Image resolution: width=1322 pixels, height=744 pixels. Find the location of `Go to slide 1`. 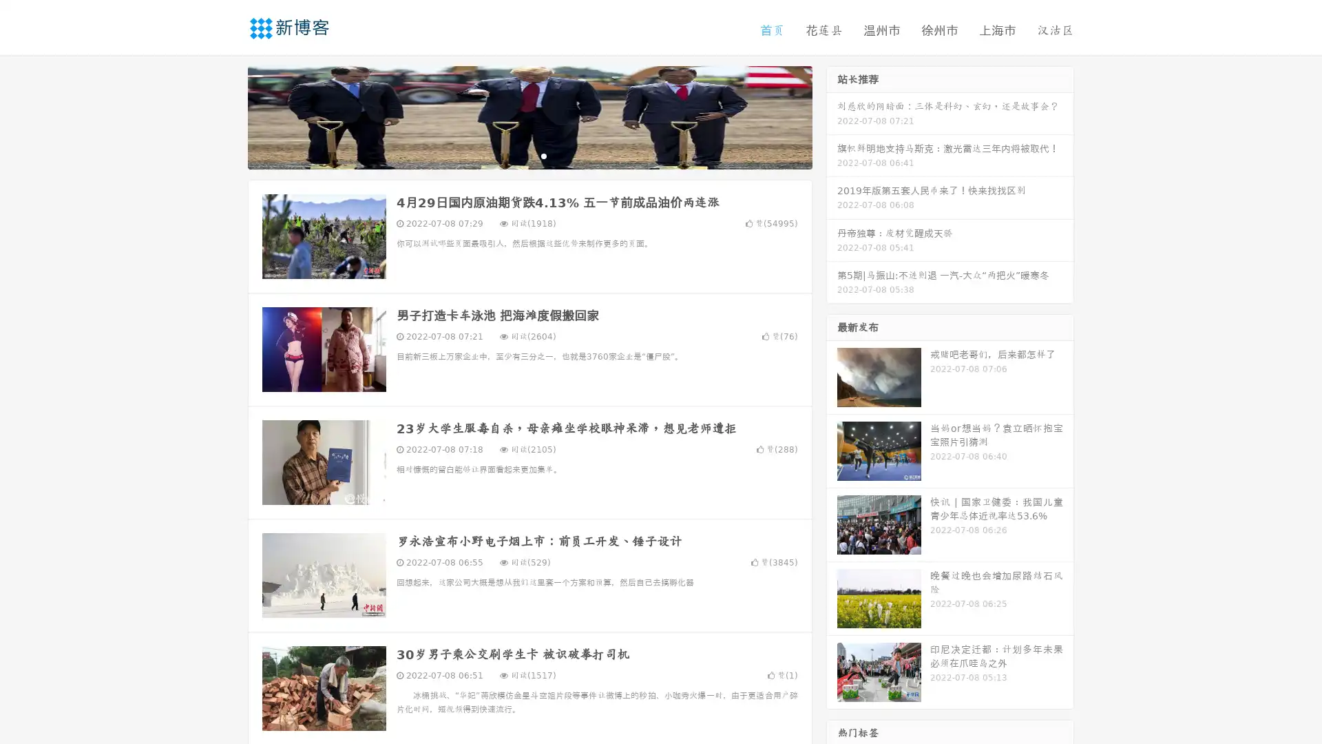

Go to slide 1 is located at coordinates (515, 155).